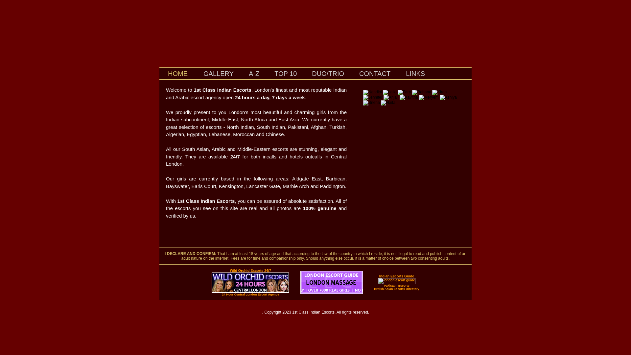 This screenshot has width=631, height=355. Describe the element at coordinates (331, 292) in the screenshot. I see `'London Escort Guide'` at that location.